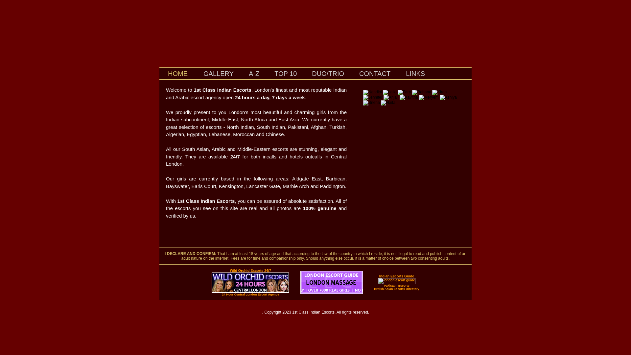 This screenshot has width=631, height=355. Describe the element at coordinates (331, 292) in the screenshot. I see `'London Escort Guide'` at that location.